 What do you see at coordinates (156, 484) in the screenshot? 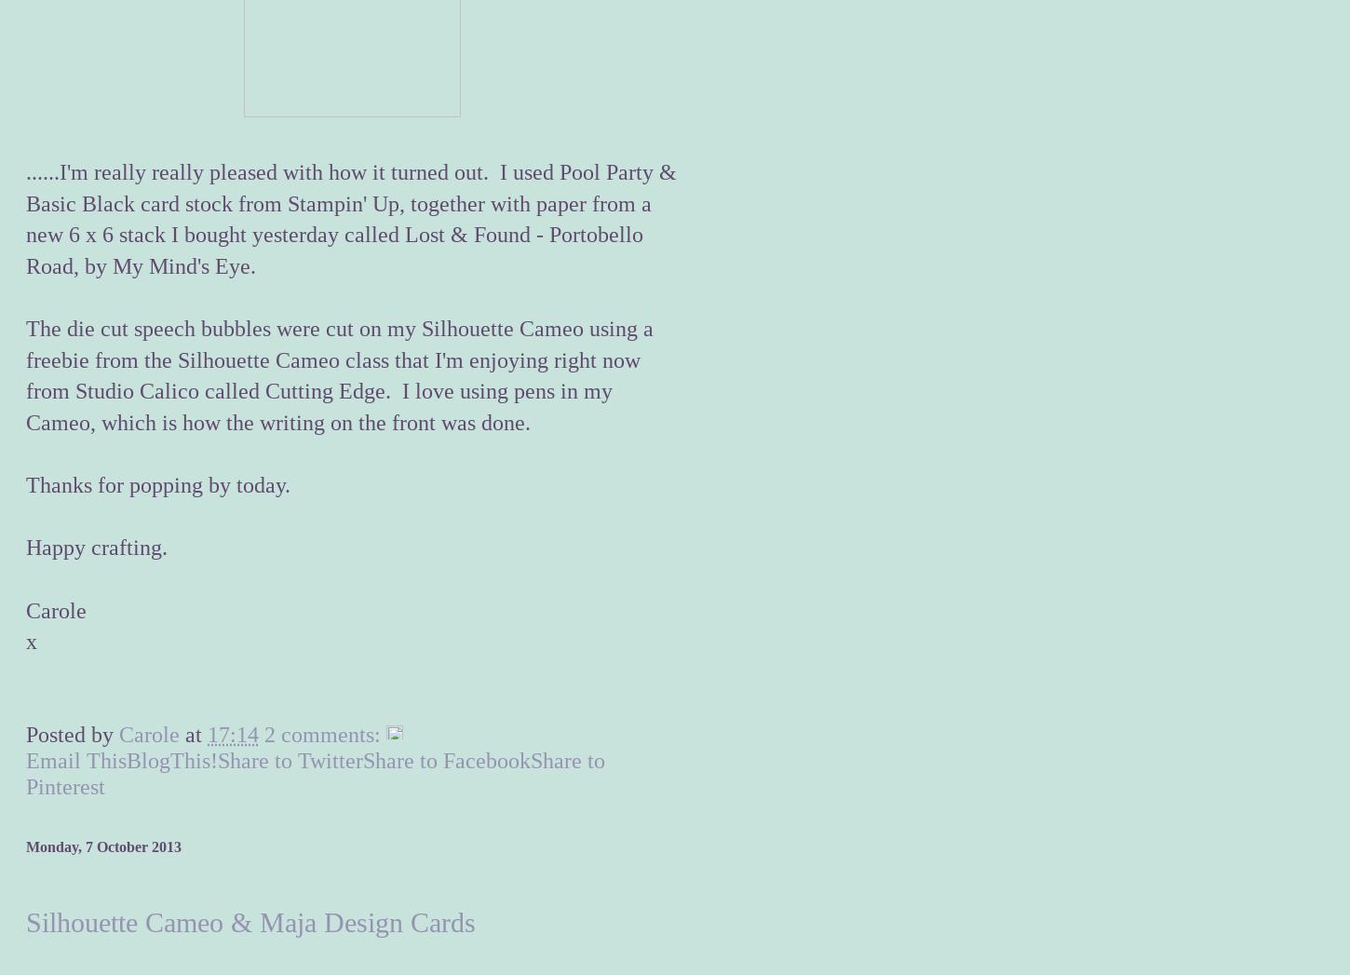
I see `'Thanks for popping by today.'` at bounding box center [156, 484].